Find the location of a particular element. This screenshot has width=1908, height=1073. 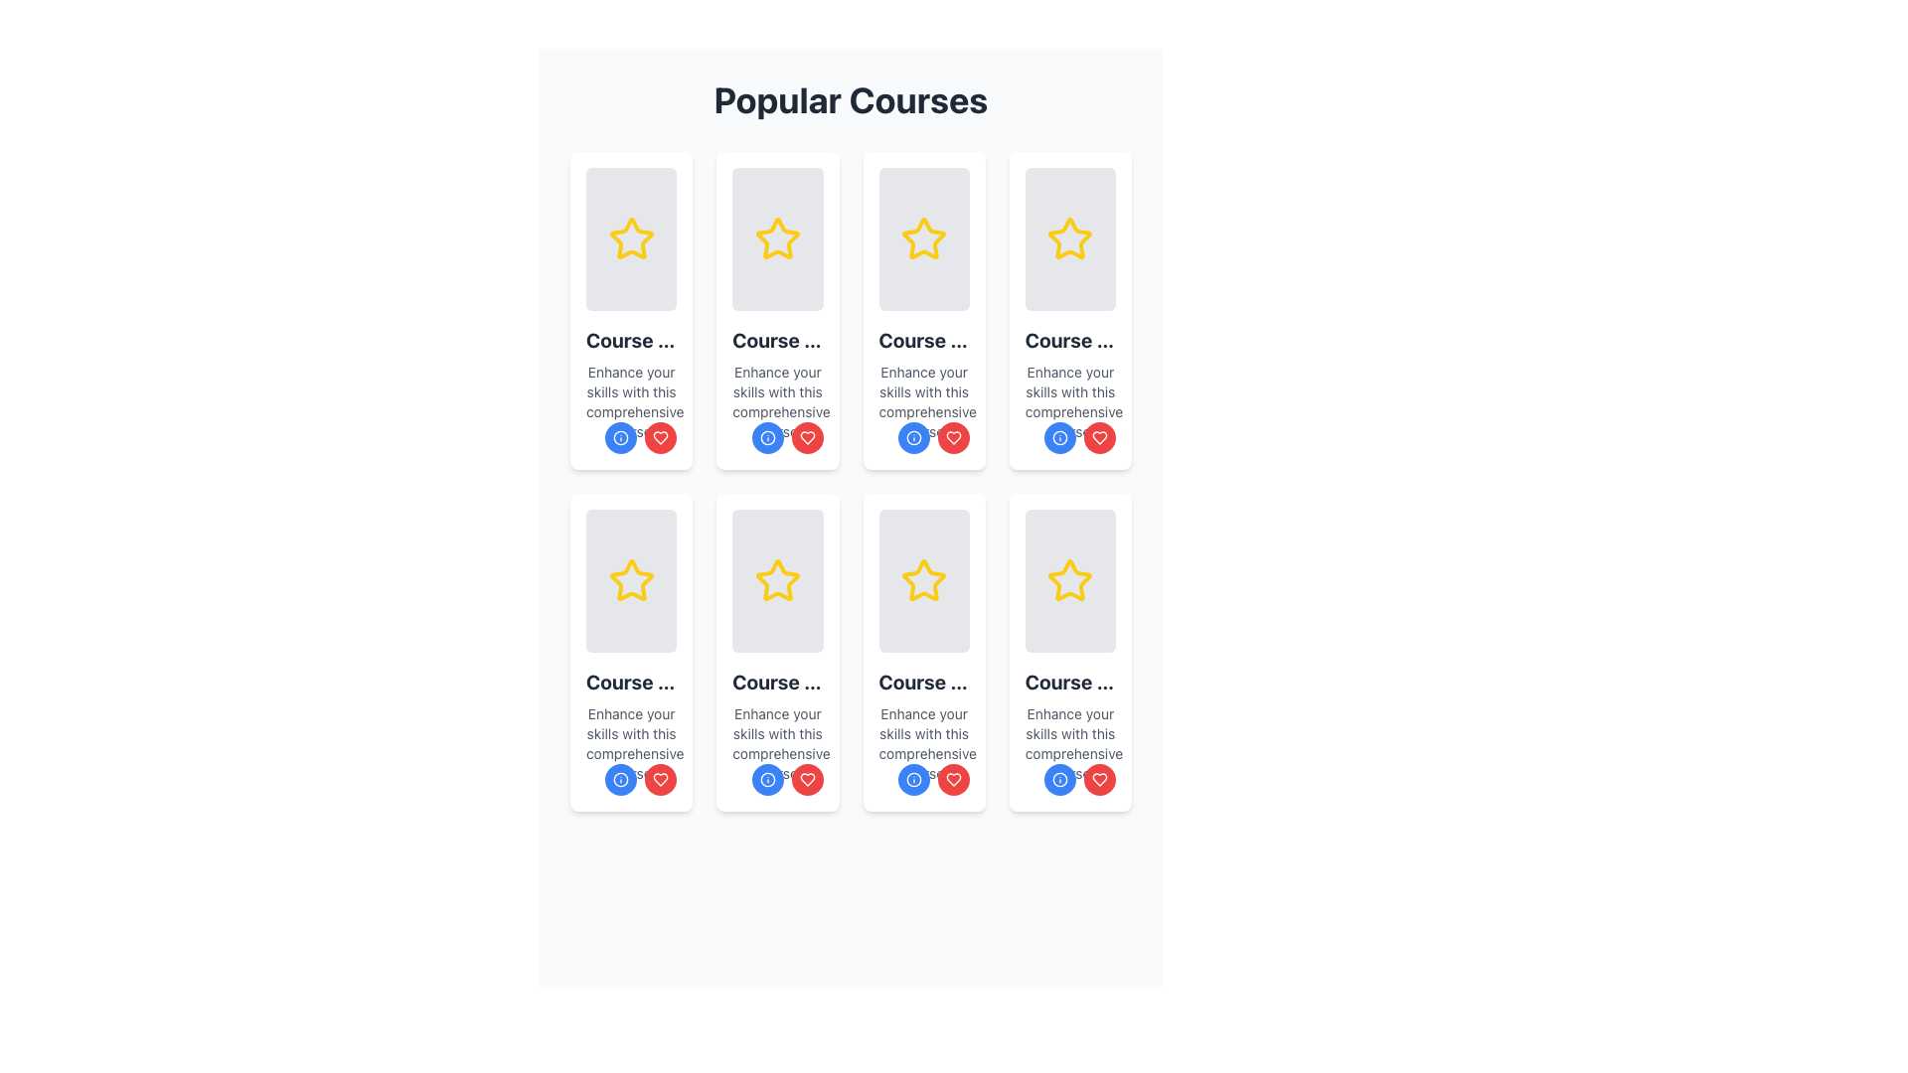

the text label displaying 'Course Title 4', which is bold and dark gray, located in the fourth card of the top row in the grid layout is located at coordinates (1069, 340).